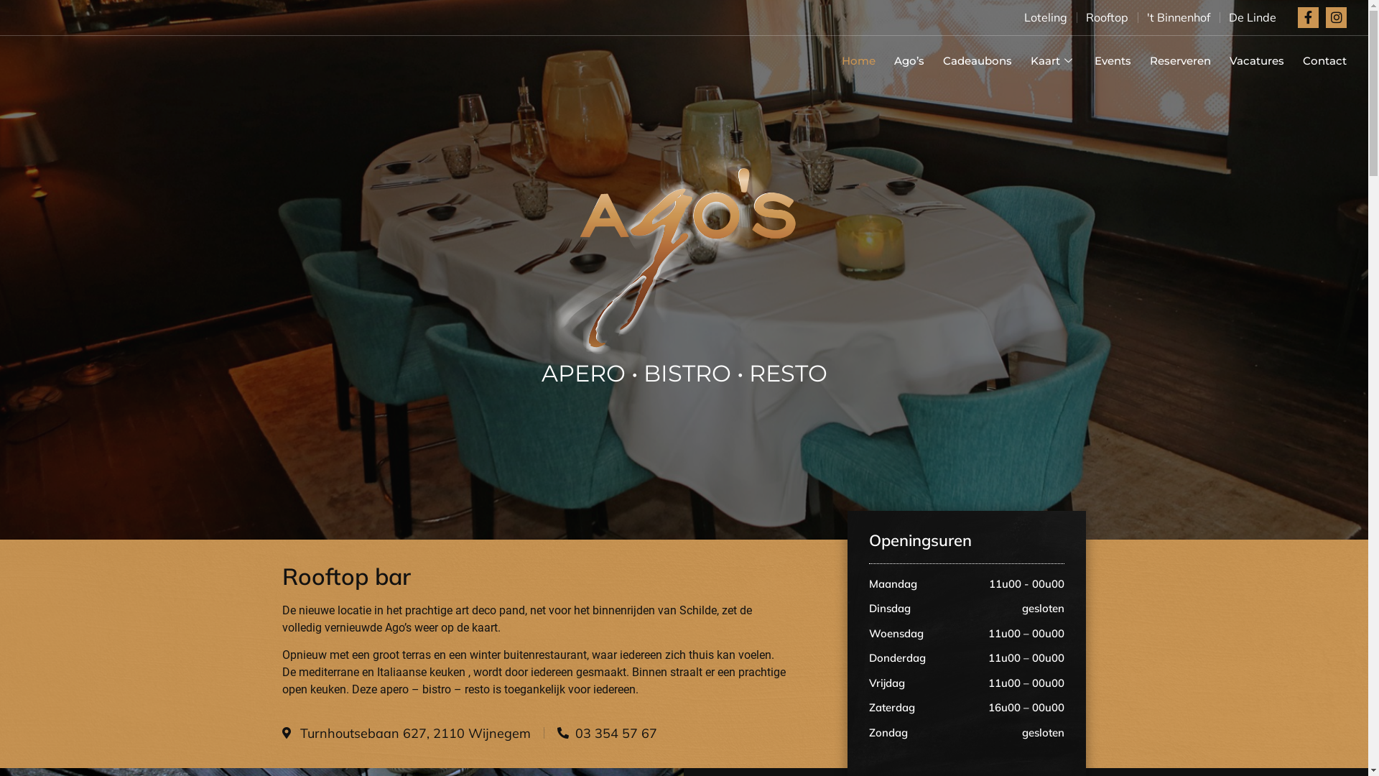 The height and width of the screenshot is (776, 1379). Describe the element at coordinates (1315, 60) in the screenshot. I see `'Contact'` at that location.